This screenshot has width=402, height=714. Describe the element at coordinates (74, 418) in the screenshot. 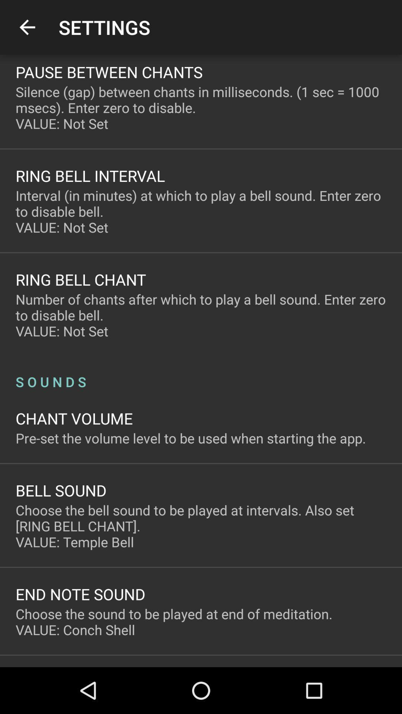

I see `the chant volume item` at that location.